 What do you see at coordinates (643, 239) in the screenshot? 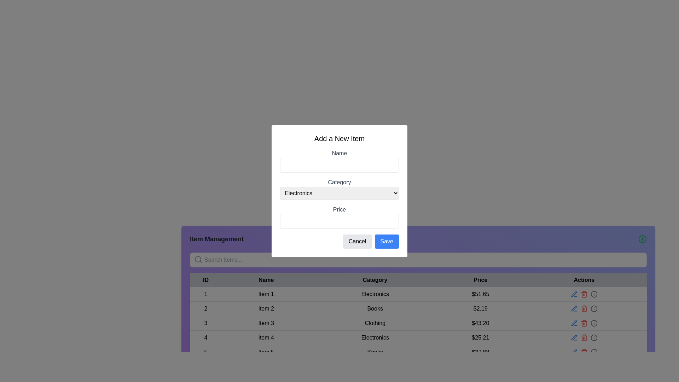
I see `the circular decorative vector element with a thin green stroke, located in the top-right corner of the blue toolbar at the bottom of the main interface` at bounding box center [643, 239].